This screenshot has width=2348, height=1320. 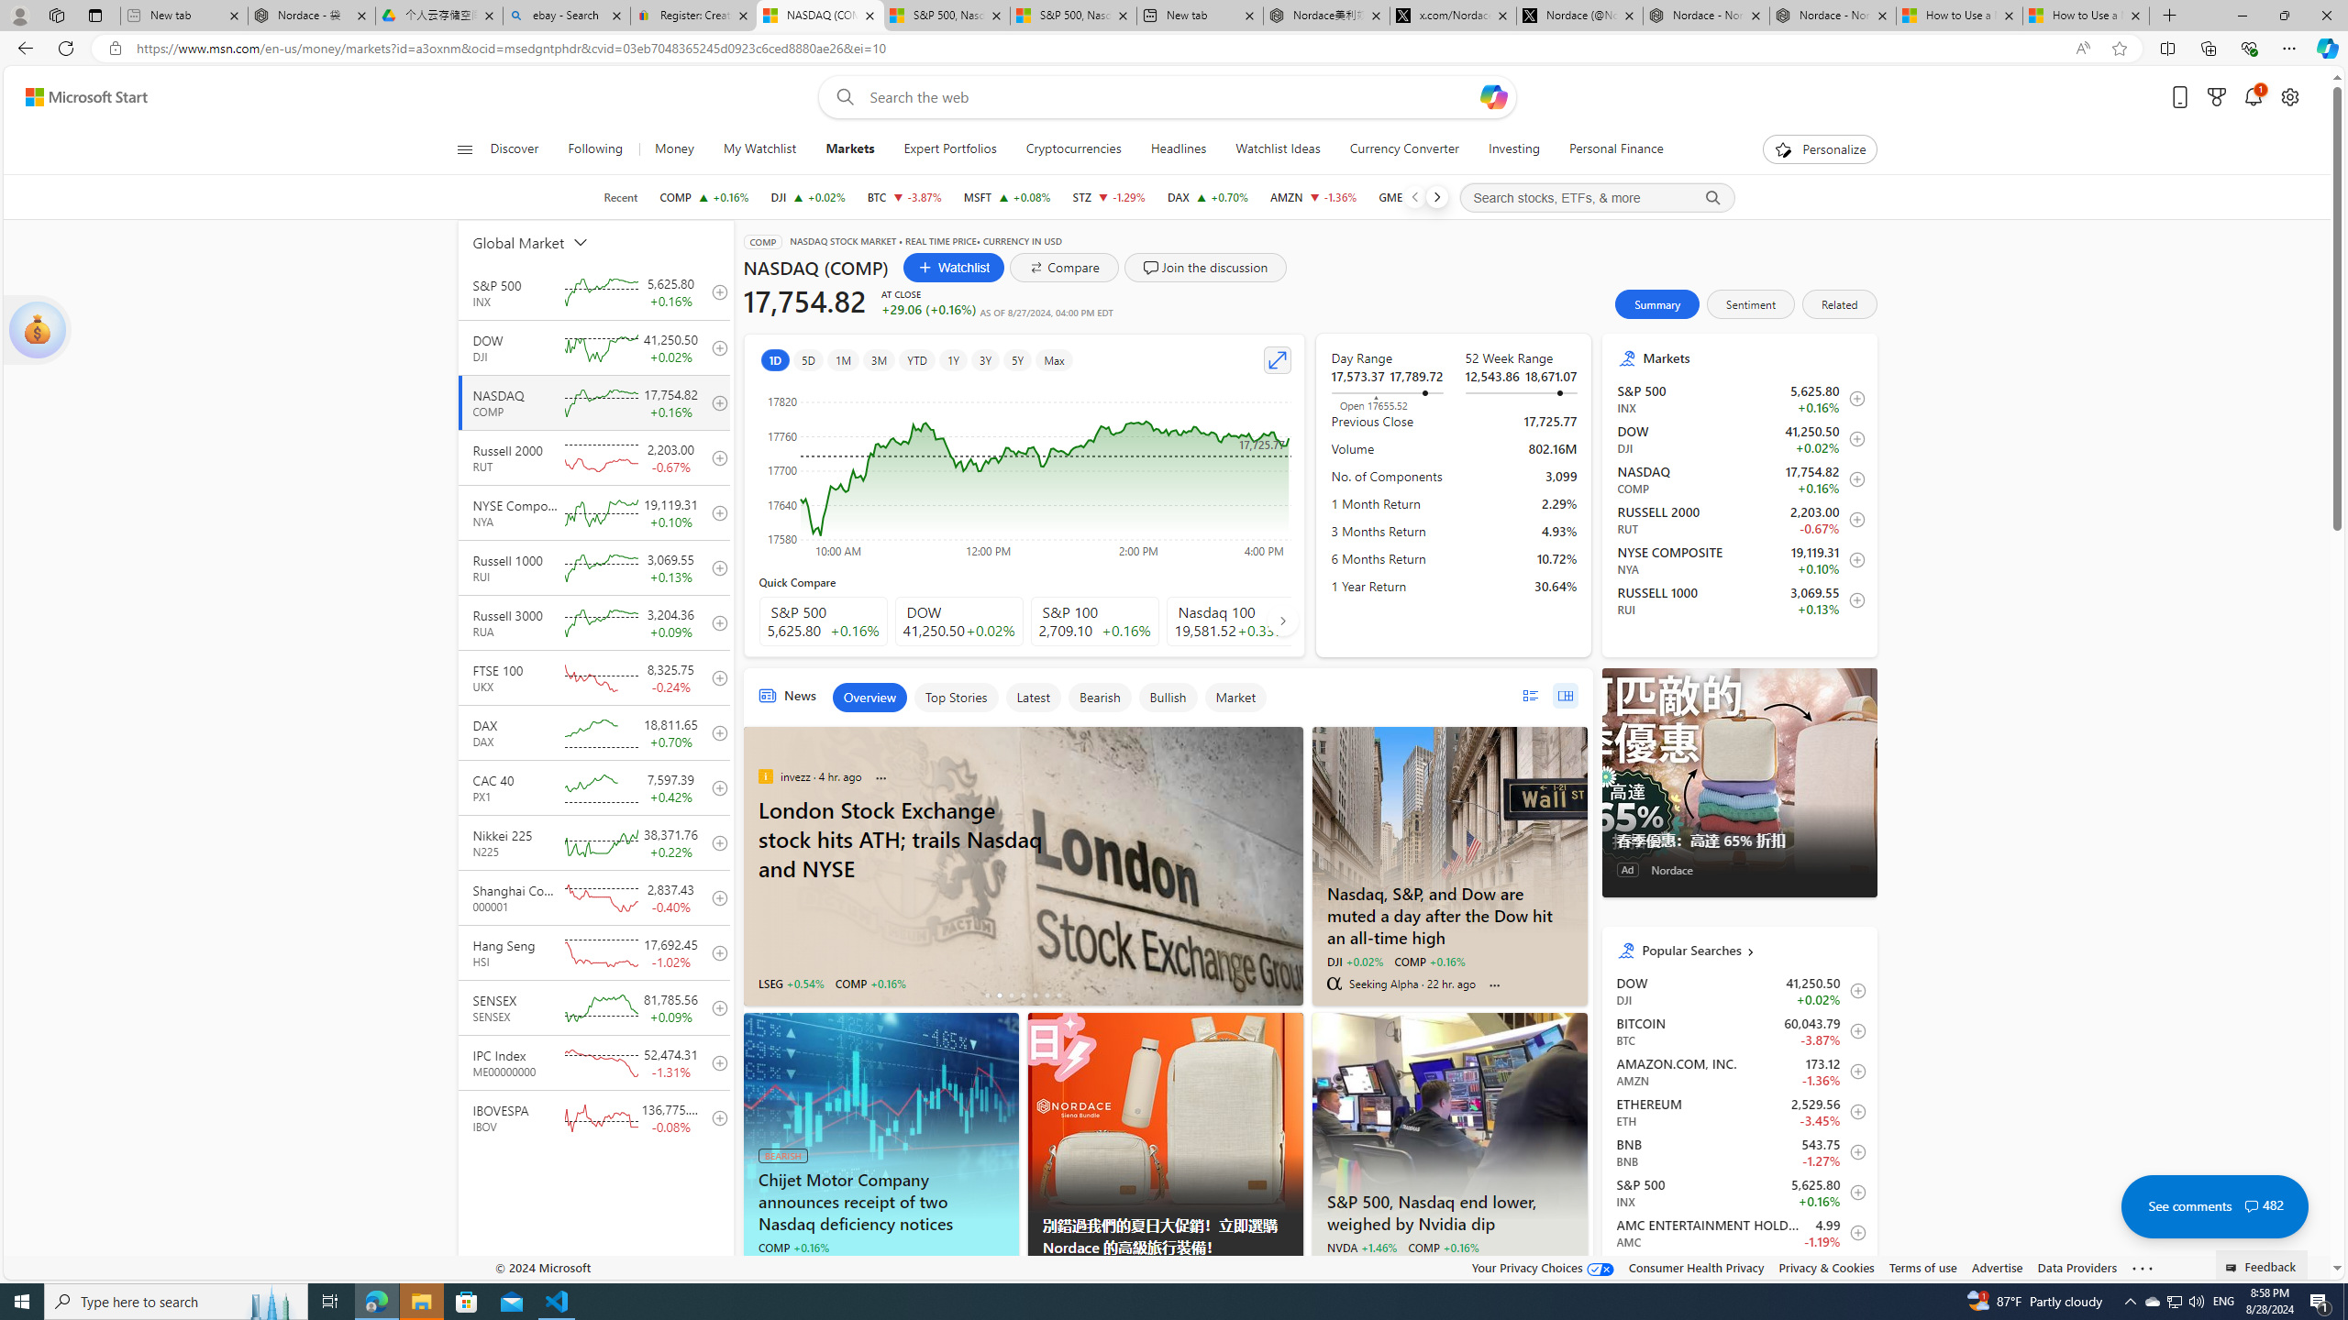 I want to click on 'Watchlist Ideas', so click(x=1276, y=148).